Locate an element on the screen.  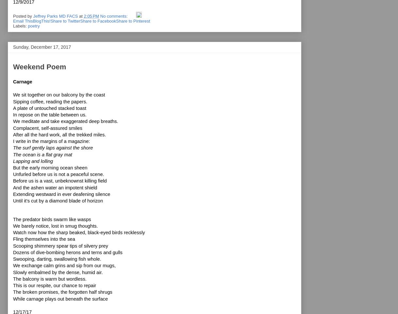
'Scooping shimmery spear tips of silvery prey' is located at coordinates (60, 245).